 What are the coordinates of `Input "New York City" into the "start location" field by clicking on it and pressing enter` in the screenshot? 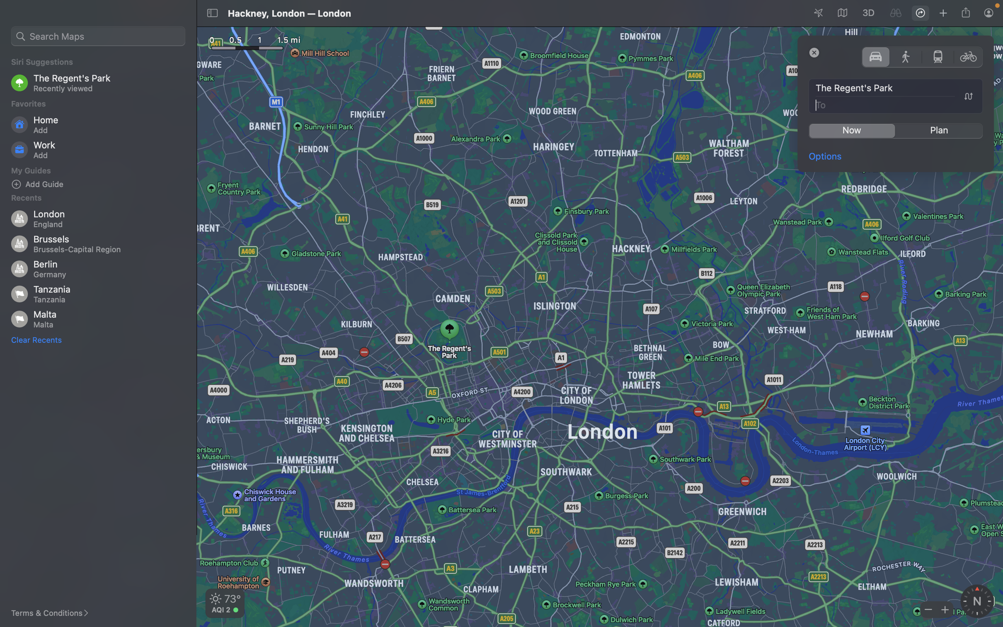 It's located at (896, 88).